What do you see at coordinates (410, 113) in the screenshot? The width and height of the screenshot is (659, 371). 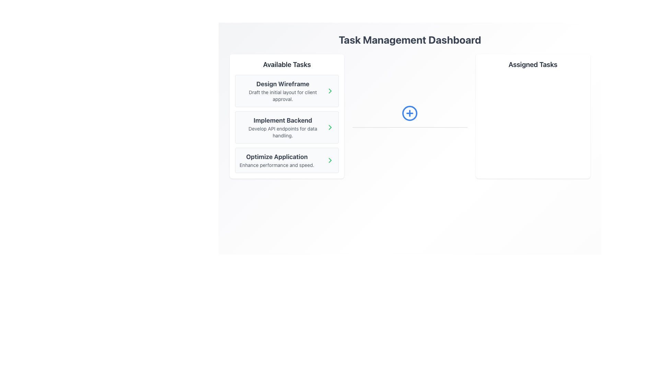 I see `the center of the interactive button with a plus sign symbol, located between the 'Available Tasks' and 'Assigned Tasks' panels` at bounding box center [410, 113].